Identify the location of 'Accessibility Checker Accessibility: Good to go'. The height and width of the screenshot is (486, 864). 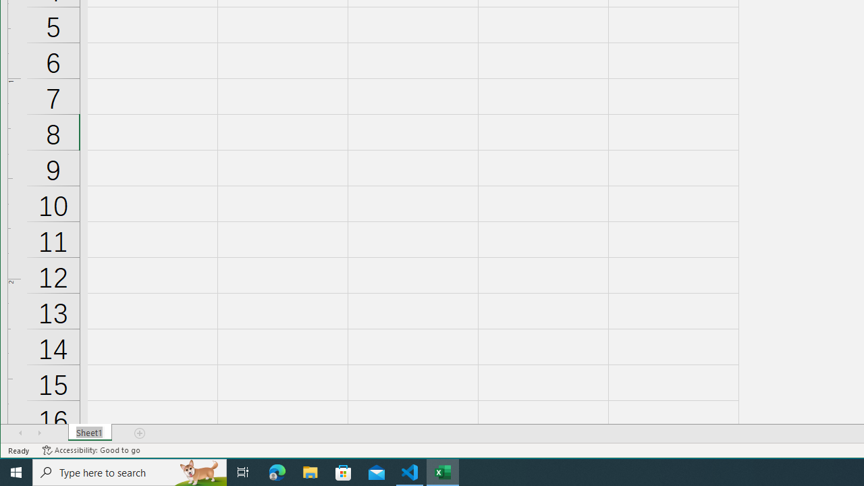
(90, 450).